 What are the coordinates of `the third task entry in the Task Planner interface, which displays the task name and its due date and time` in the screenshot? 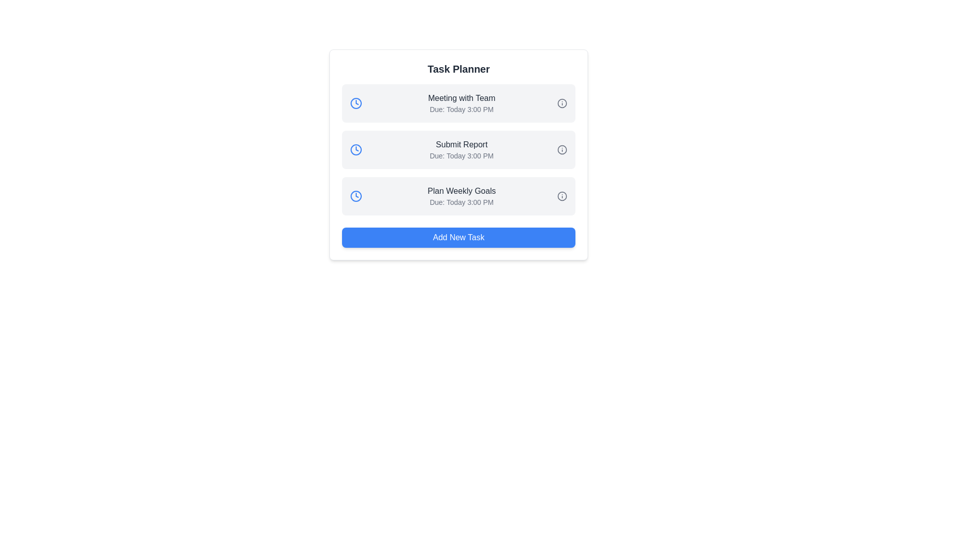 It's located at (461, 196).